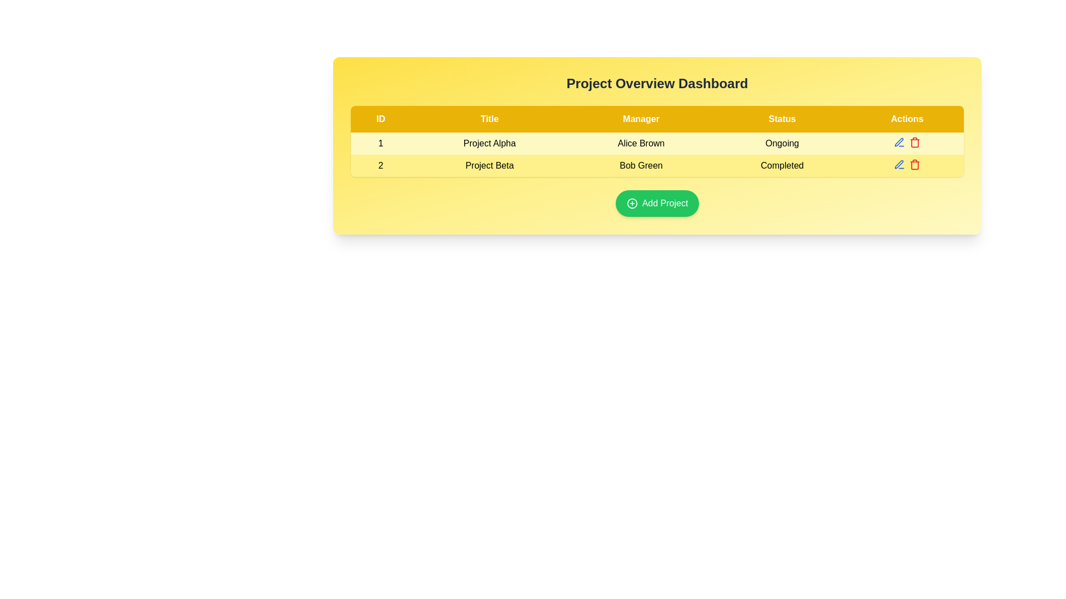 The height and width of the screenshot is (599, 1066). What do you see at coordinates (632, 203) in the screenshot?
I see `the Circle shape (SVG element) that is part of the 'Add Project' button, located in the top left section of the button icon` at bounding box center [632, 203].